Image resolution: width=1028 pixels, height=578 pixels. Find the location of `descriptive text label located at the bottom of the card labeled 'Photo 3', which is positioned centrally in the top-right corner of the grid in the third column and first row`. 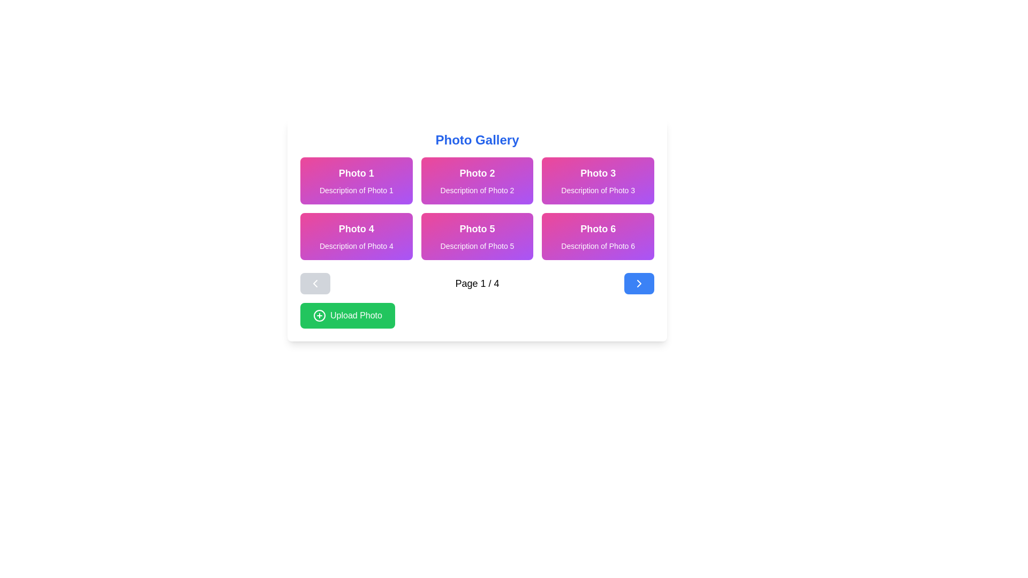

descriptive text label located at the bottom of the card labeled 'Photo 3', which is positioned centrally in the top-right corner of the grid in the third column and first row is located at coordinates (598, 189).